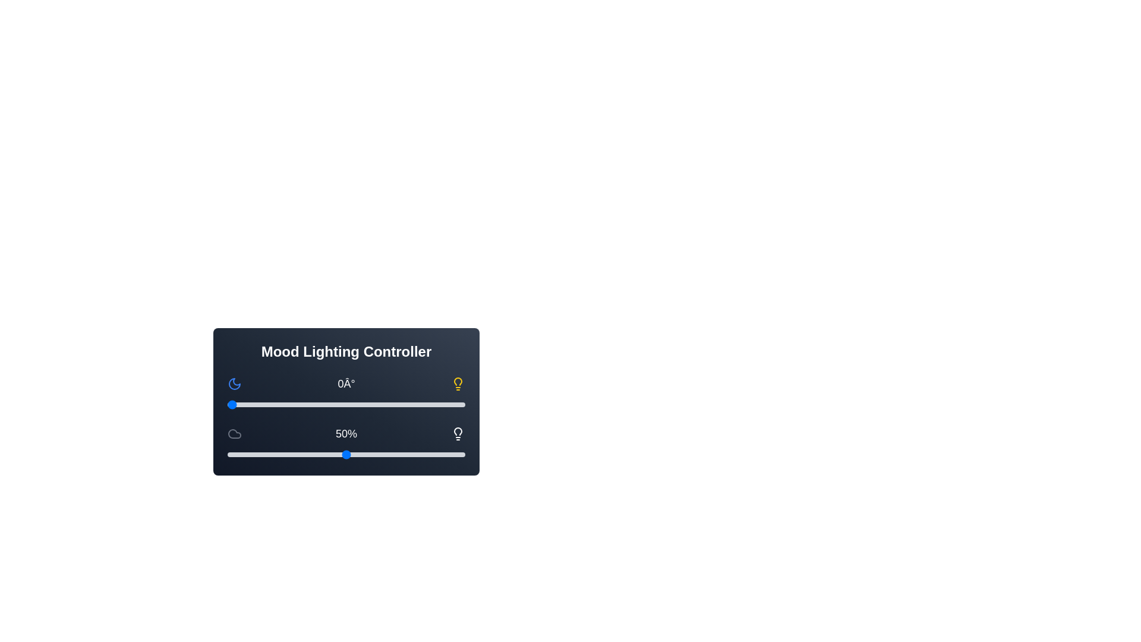  What do you see at coordinates (396, 404) in the screenshot?
I see `the hue slider to 255 degrees` at bounding box center [396, 404].